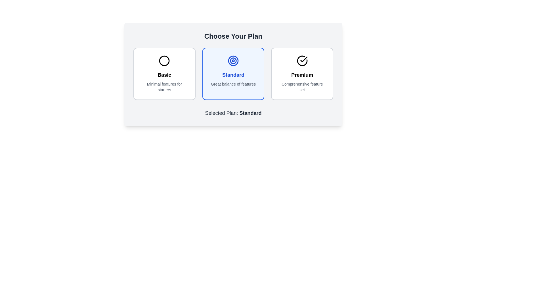 The height and width of the screenshot is (307, 545). What do you see at coordinates (302, 87) in the screenshot?
I see `the text label describing the features of the 'Premium' plan, located at the bottom of the 'Premium' plan card in the rightmost column` at bounding box center [302, 87].